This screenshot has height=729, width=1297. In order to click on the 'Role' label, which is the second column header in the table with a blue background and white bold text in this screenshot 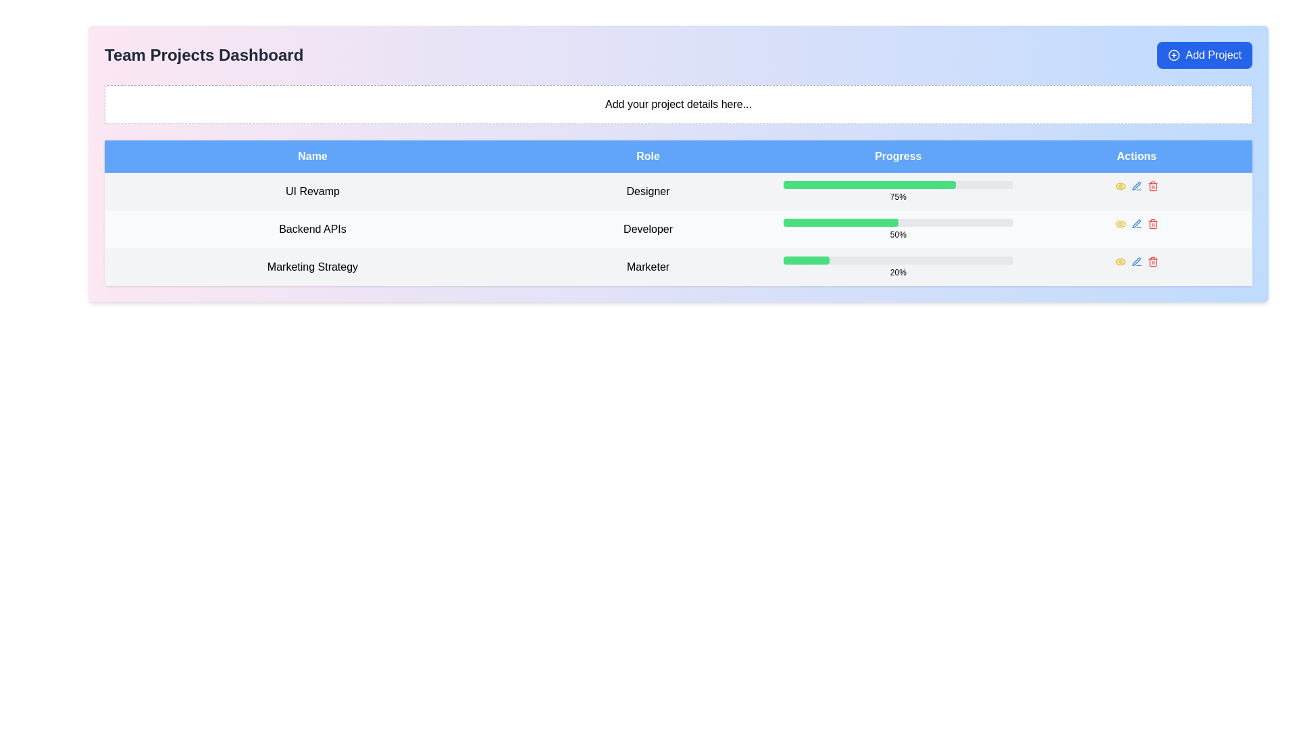, I will do `click(647, 155)`.